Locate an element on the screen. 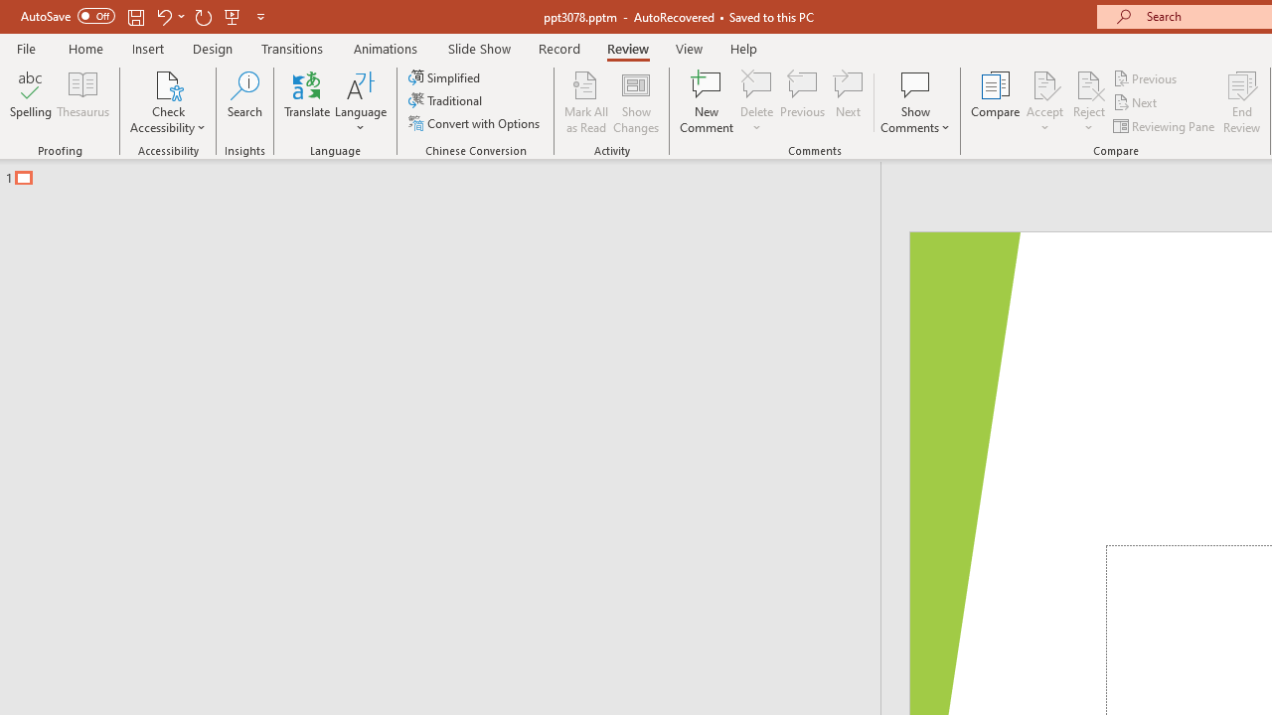 This screenshot has height=715, width=1272. 'Reject Change' is located at coordinates (1088, 83).